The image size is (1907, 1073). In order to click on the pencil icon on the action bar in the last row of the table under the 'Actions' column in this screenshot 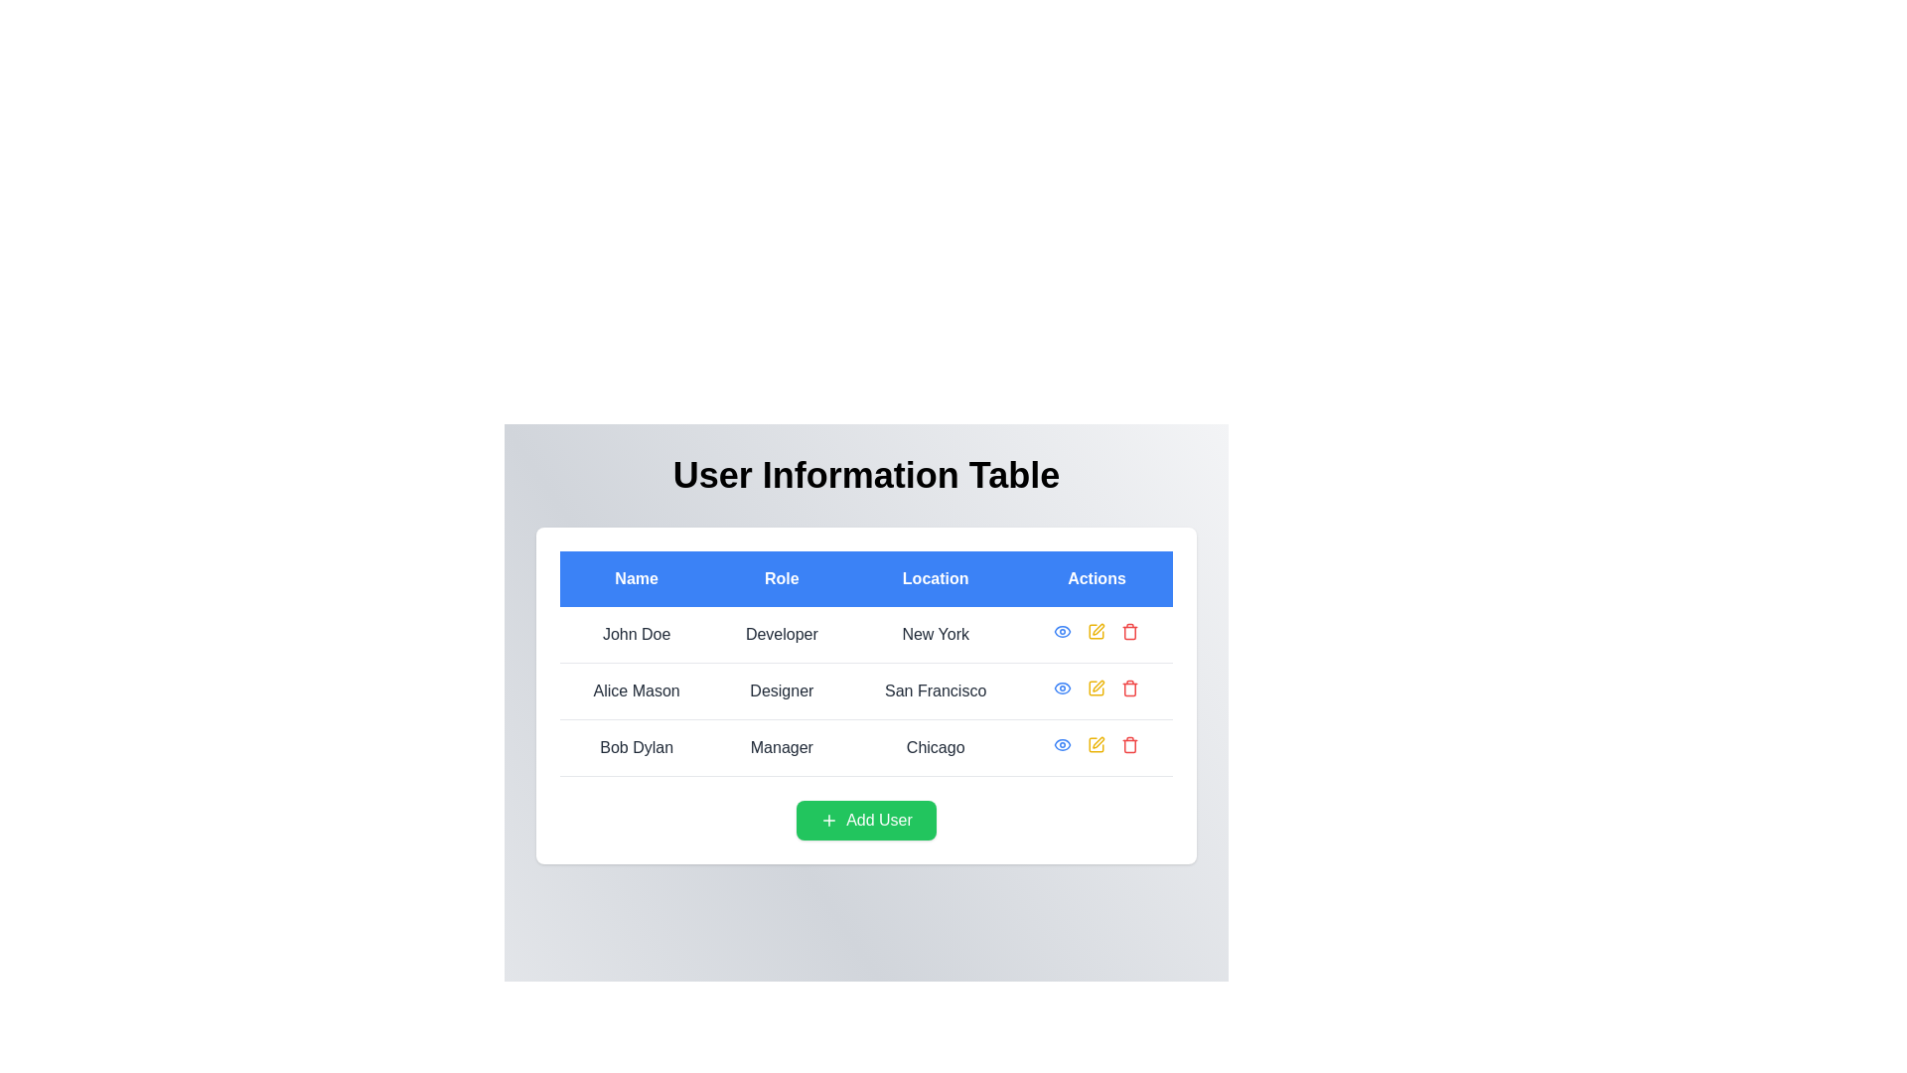, I will do `click(1096, 744)`.